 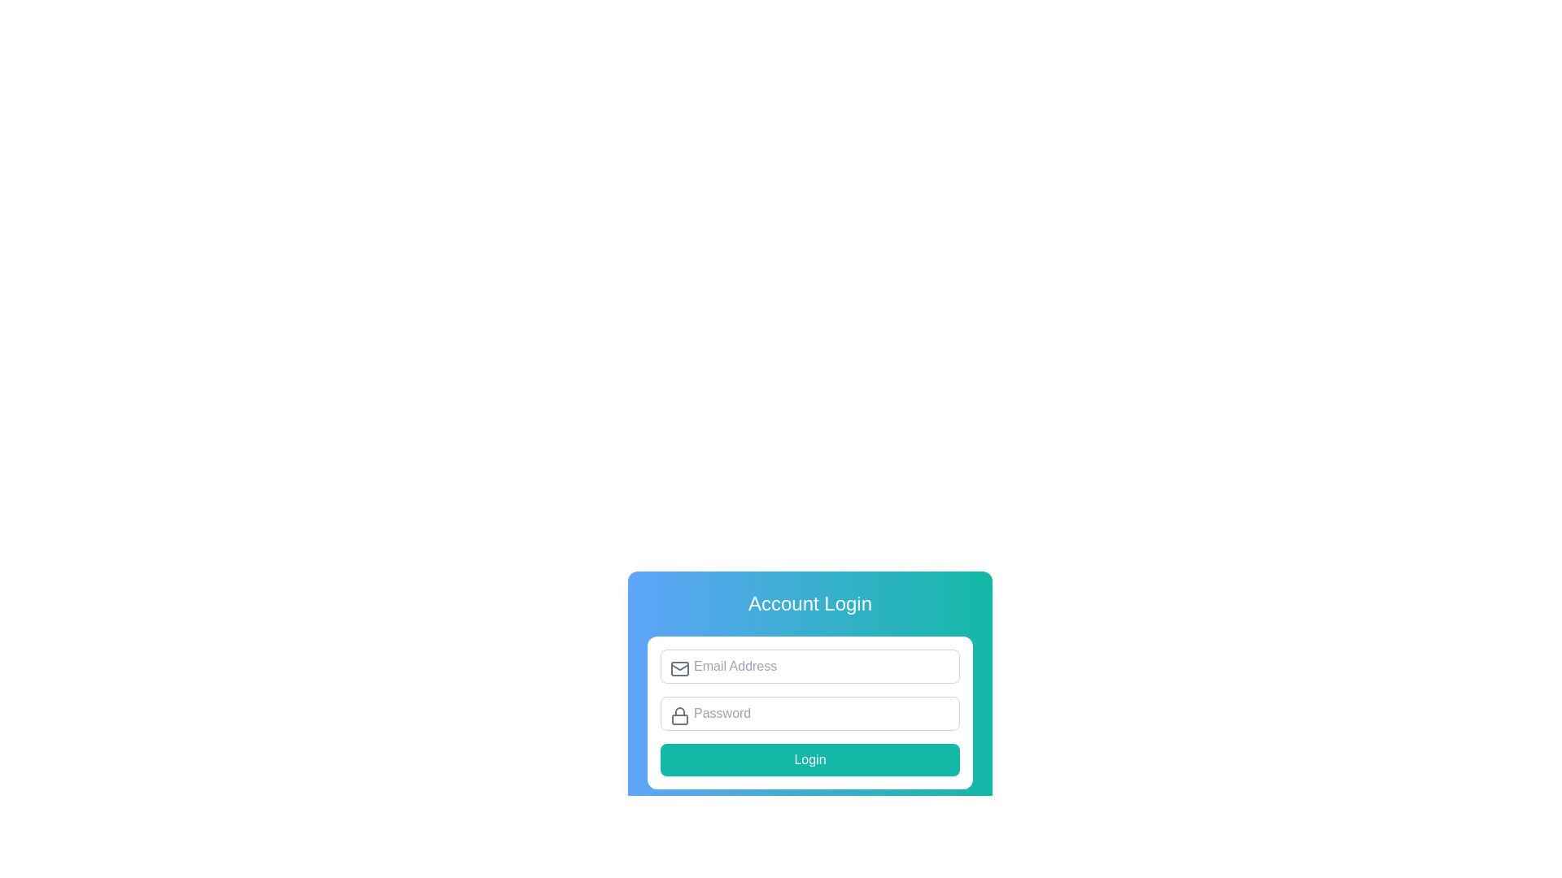 I want to click on the input field surrounding the graphical envelope icon which represents the email input field in the login form, so click(x=679, y=668).